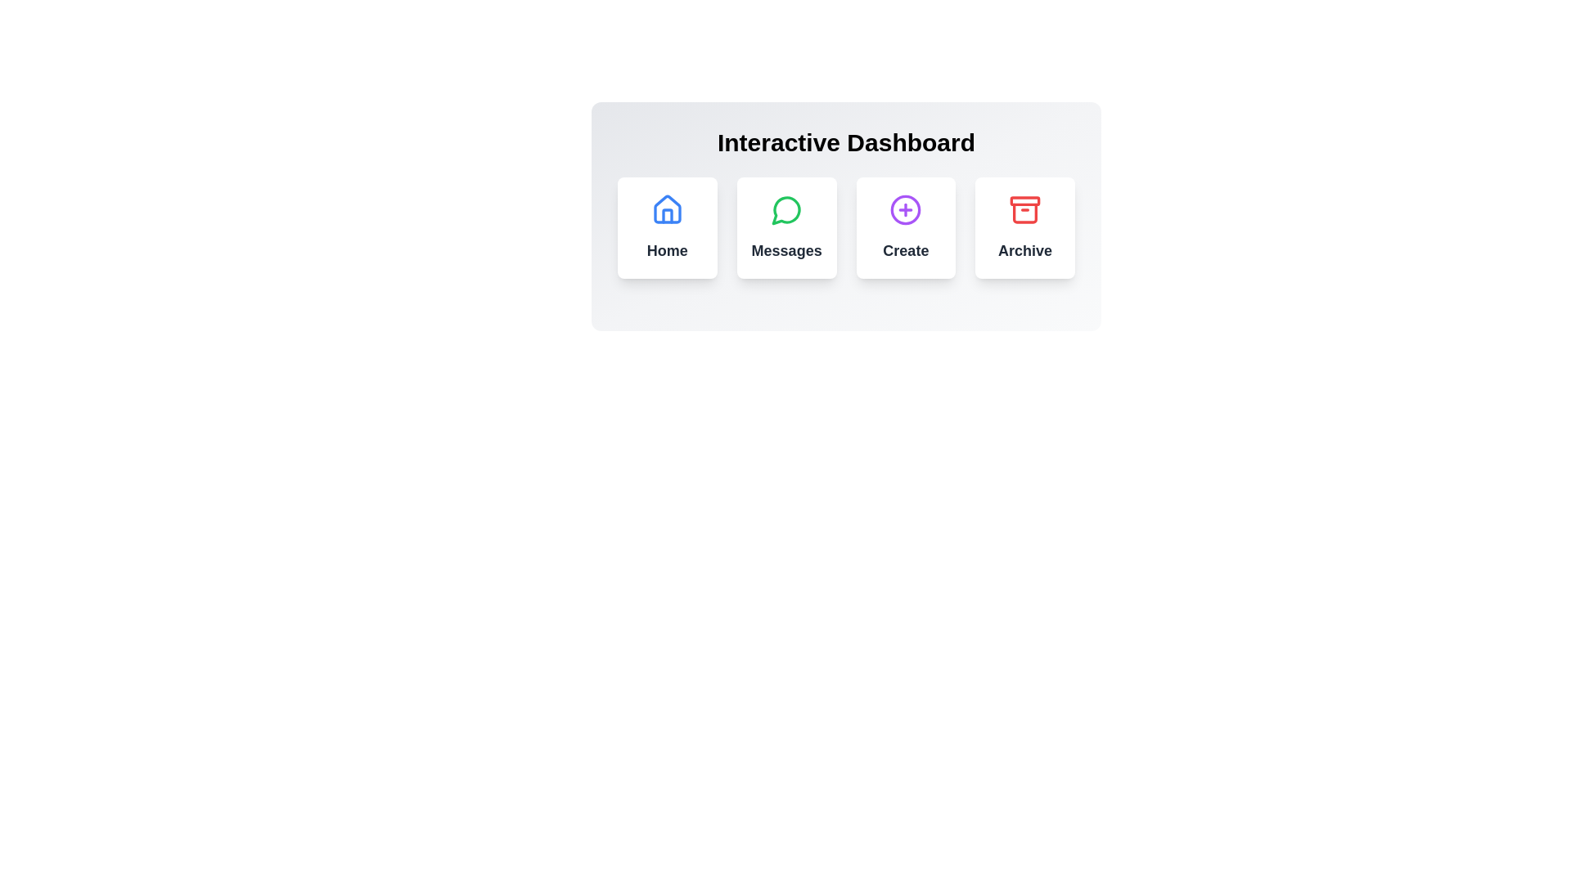 This screenshot has width=1571, height=883. Describe the element at coordinates (905, 227) in the screenshot. I see `the 'Create' button, which is a rectangular button with a white background, a rounded border, and a purple plus icon, to trigger hover effects` at that location.